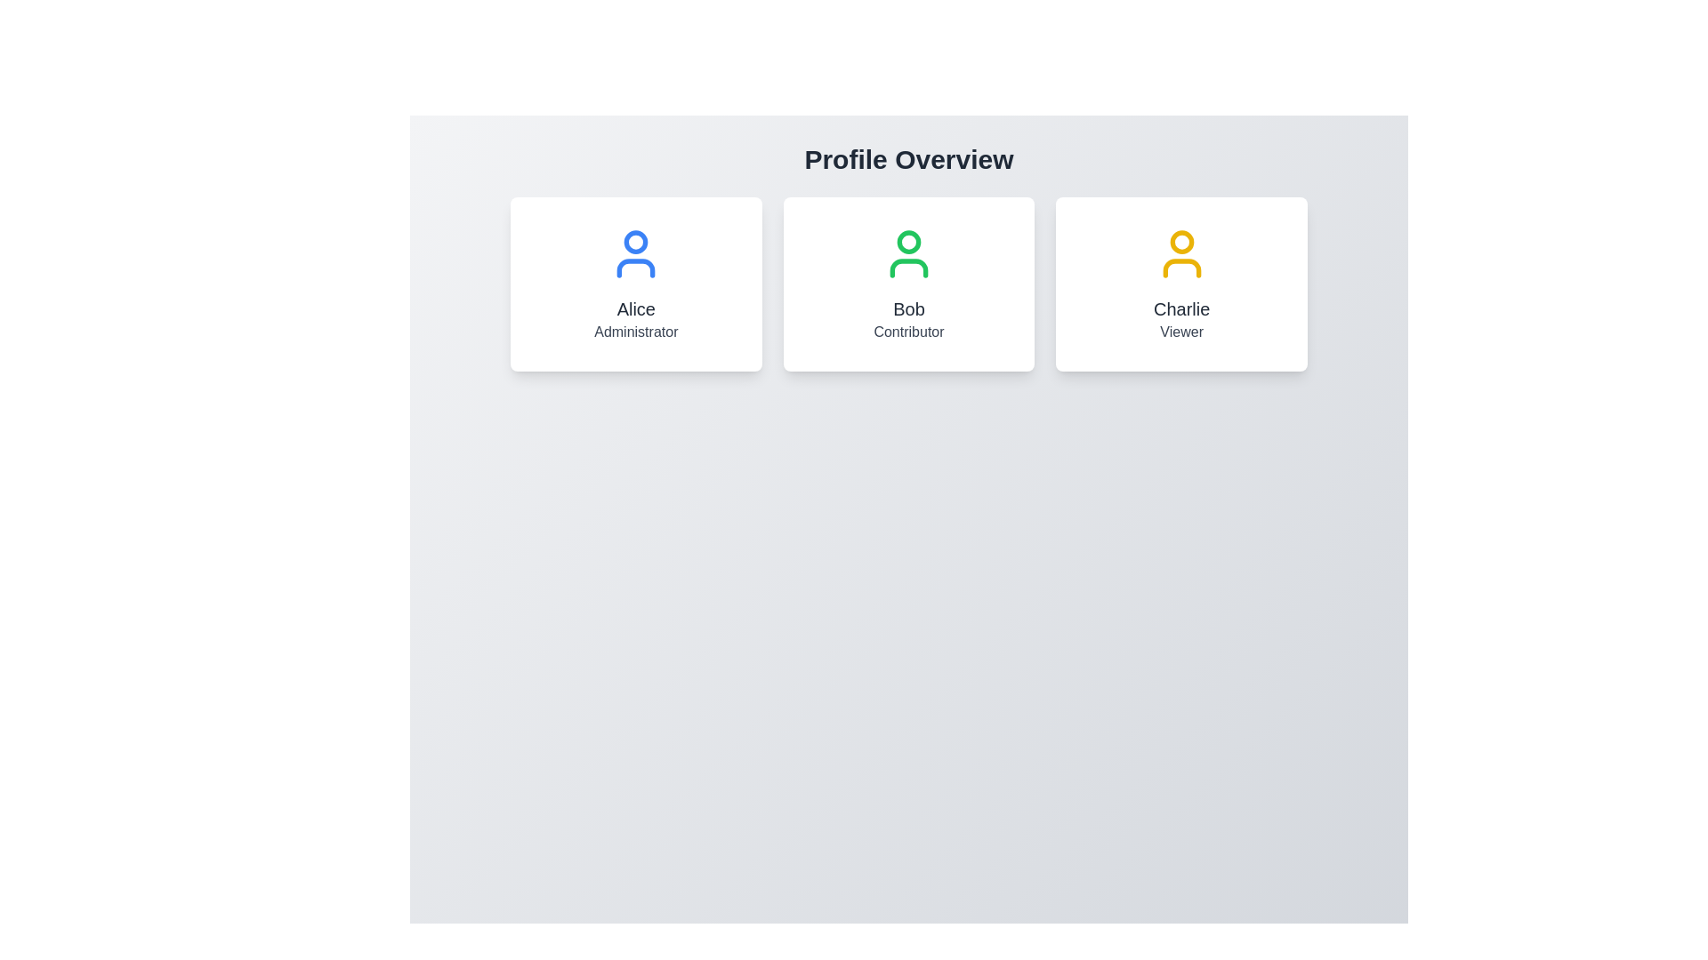 The width and height of the screenshot is (1708, 960). Describe the element at coordinates (636, 253) in the screenshot. I see `the appearance of the profile avatar icon representing 'Alice Administrator', located at the top of the profile card` at that location.